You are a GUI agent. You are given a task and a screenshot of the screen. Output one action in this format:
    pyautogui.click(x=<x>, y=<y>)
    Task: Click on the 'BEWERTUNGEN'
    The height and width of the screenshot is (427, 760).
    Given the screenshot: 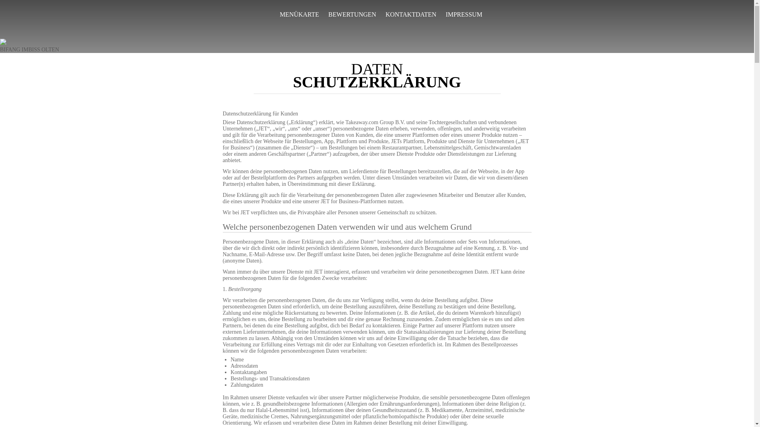 What is the action you would take?
    pyautogui.click(x=352, y=15)
    